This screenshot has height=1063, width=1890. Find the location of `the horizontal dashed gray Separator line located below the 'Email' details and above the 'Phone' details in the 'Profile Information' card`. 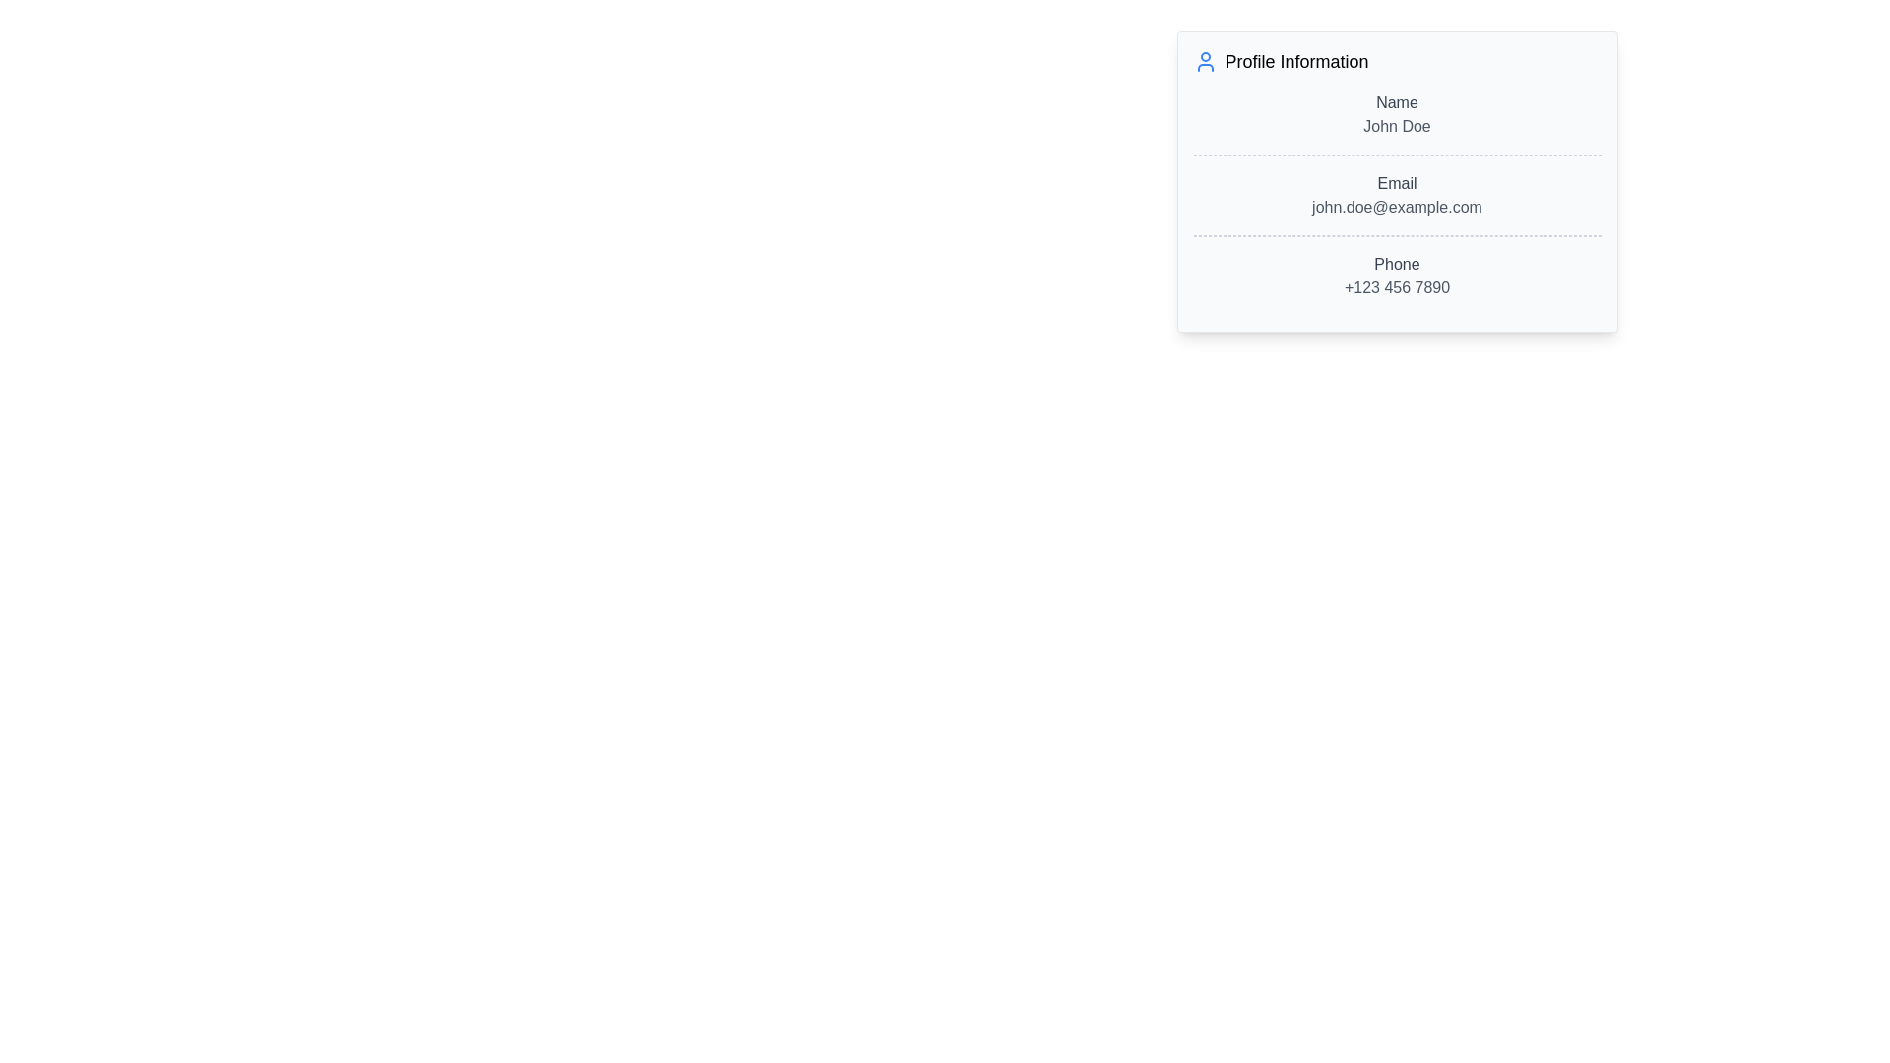

the horizontal dashed gray Separator line located below the 'Email' details and above the 'Phone' details in the 'Profile Information' card is located at coordinates (1396, 234).